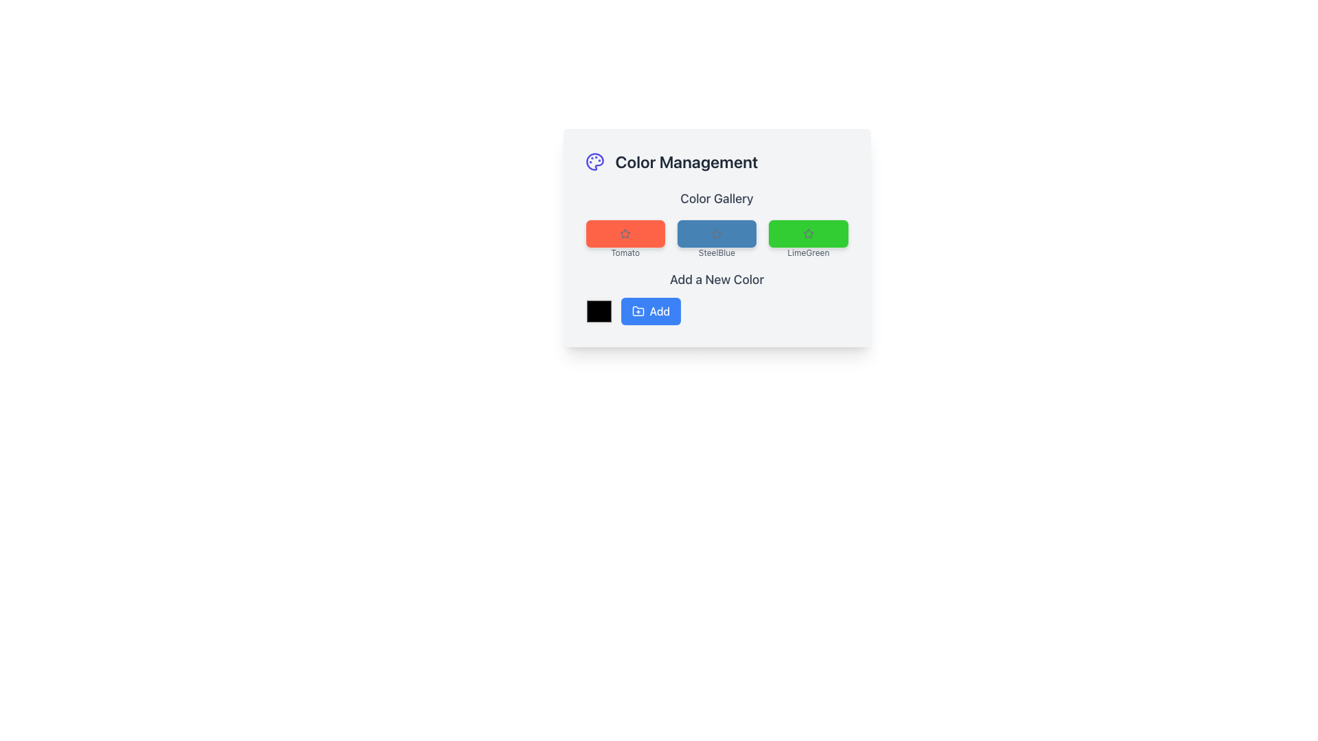 This screenshot has width=1318, height=741. What do you see at coordinates (716, 279) in the screenshot?
I see `the text element displaying 'Add a New Color' located centrally under the 'Color Gallery' section, which is above the color picker and 'Add' button` at bounding box center [716, 279].